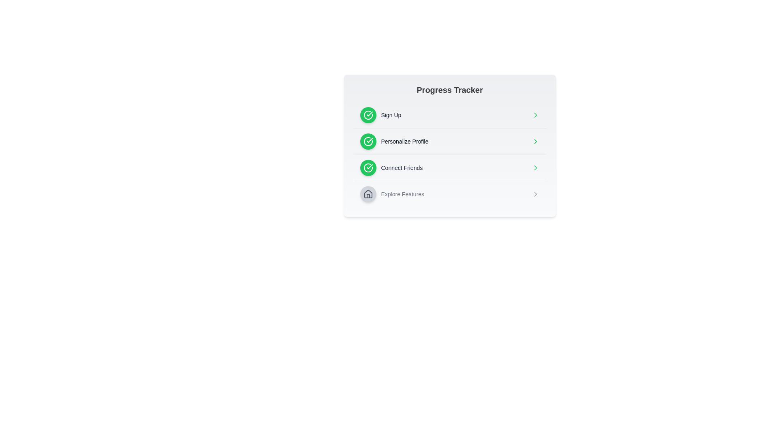 Image resolution: width=778 pixels, height=438 pixels. I want to click on the green circular icon representing the completion status of the 'Sign Up' step in the vertical progress tracker, so click(368, 115).